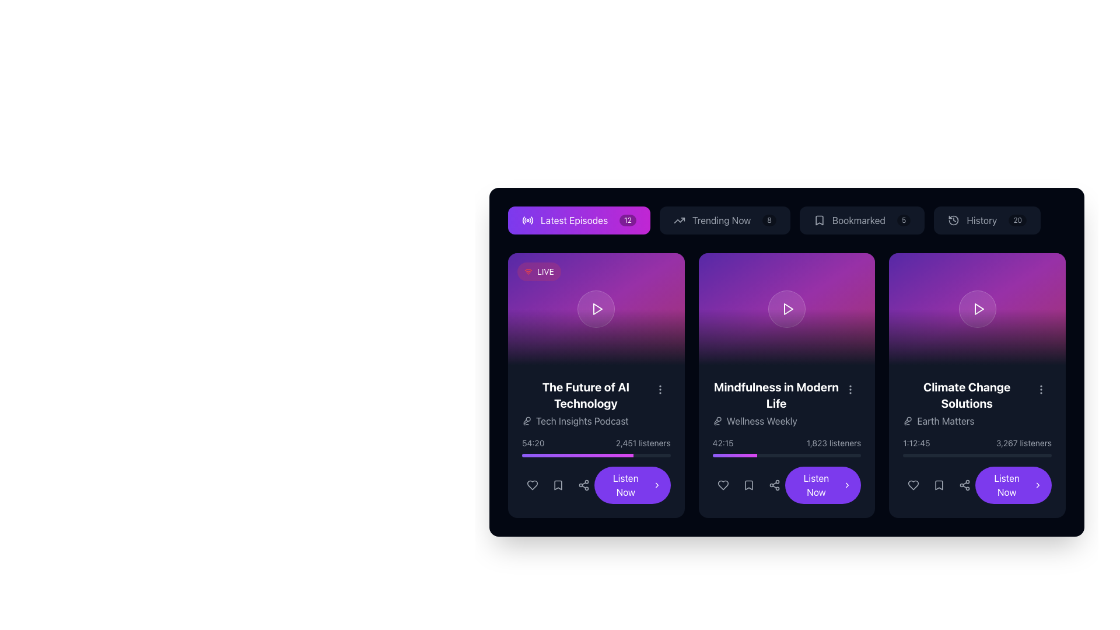 The width and height of the screenshot is (1120, 630). What do you see at coordinates (978, 308) in the screenshot?
I see `the play button located in the center of the third card from the left under the 'Climate Change Solutions' title` at bounding box center [978, 308].